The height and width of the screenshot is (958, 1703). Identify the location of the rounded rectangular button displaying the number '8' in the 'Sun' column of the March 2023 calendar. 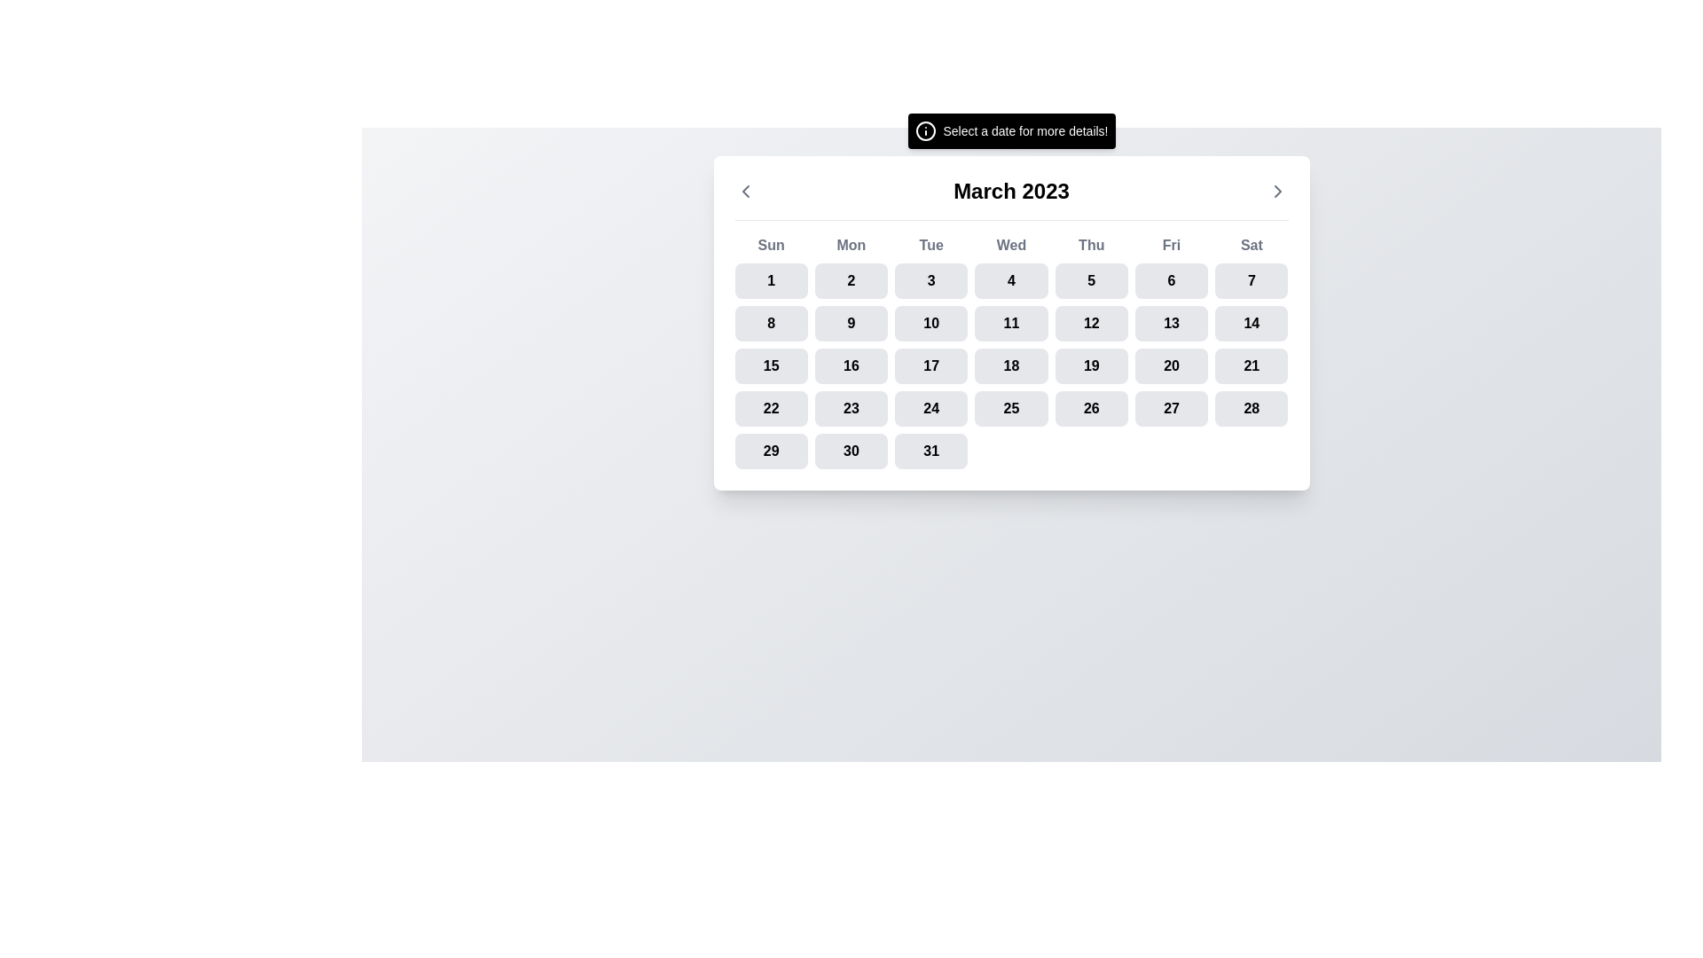
(771, 324).